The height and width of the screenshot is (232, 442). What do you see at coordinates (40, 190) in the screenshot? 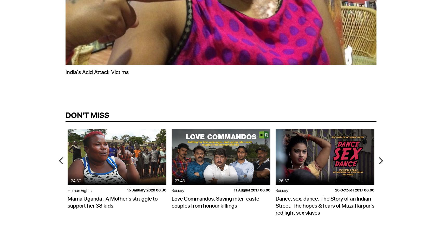
I see `'22 September 2014 00:00'` at bounding box center [40, 190].